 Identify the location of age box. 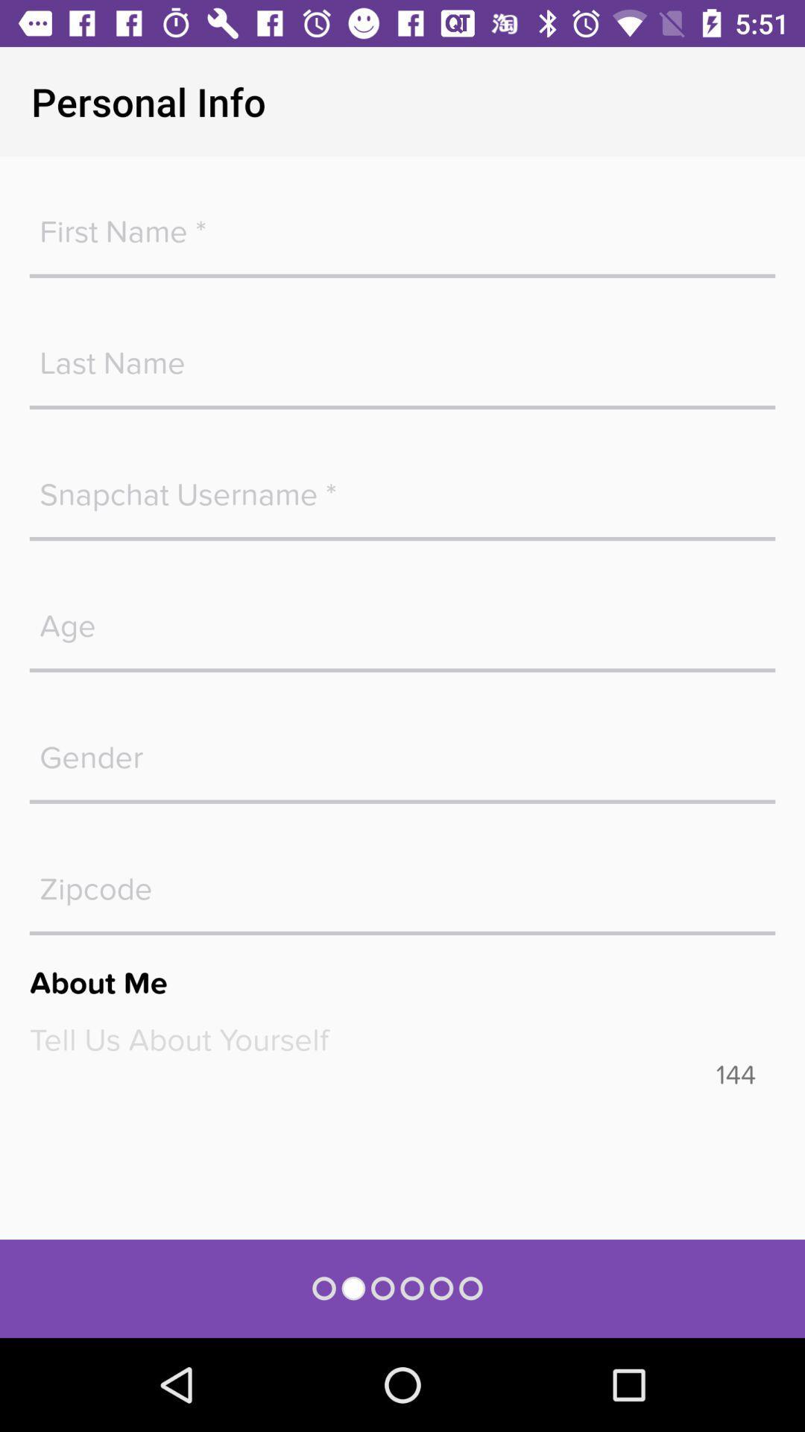
(402, 618).